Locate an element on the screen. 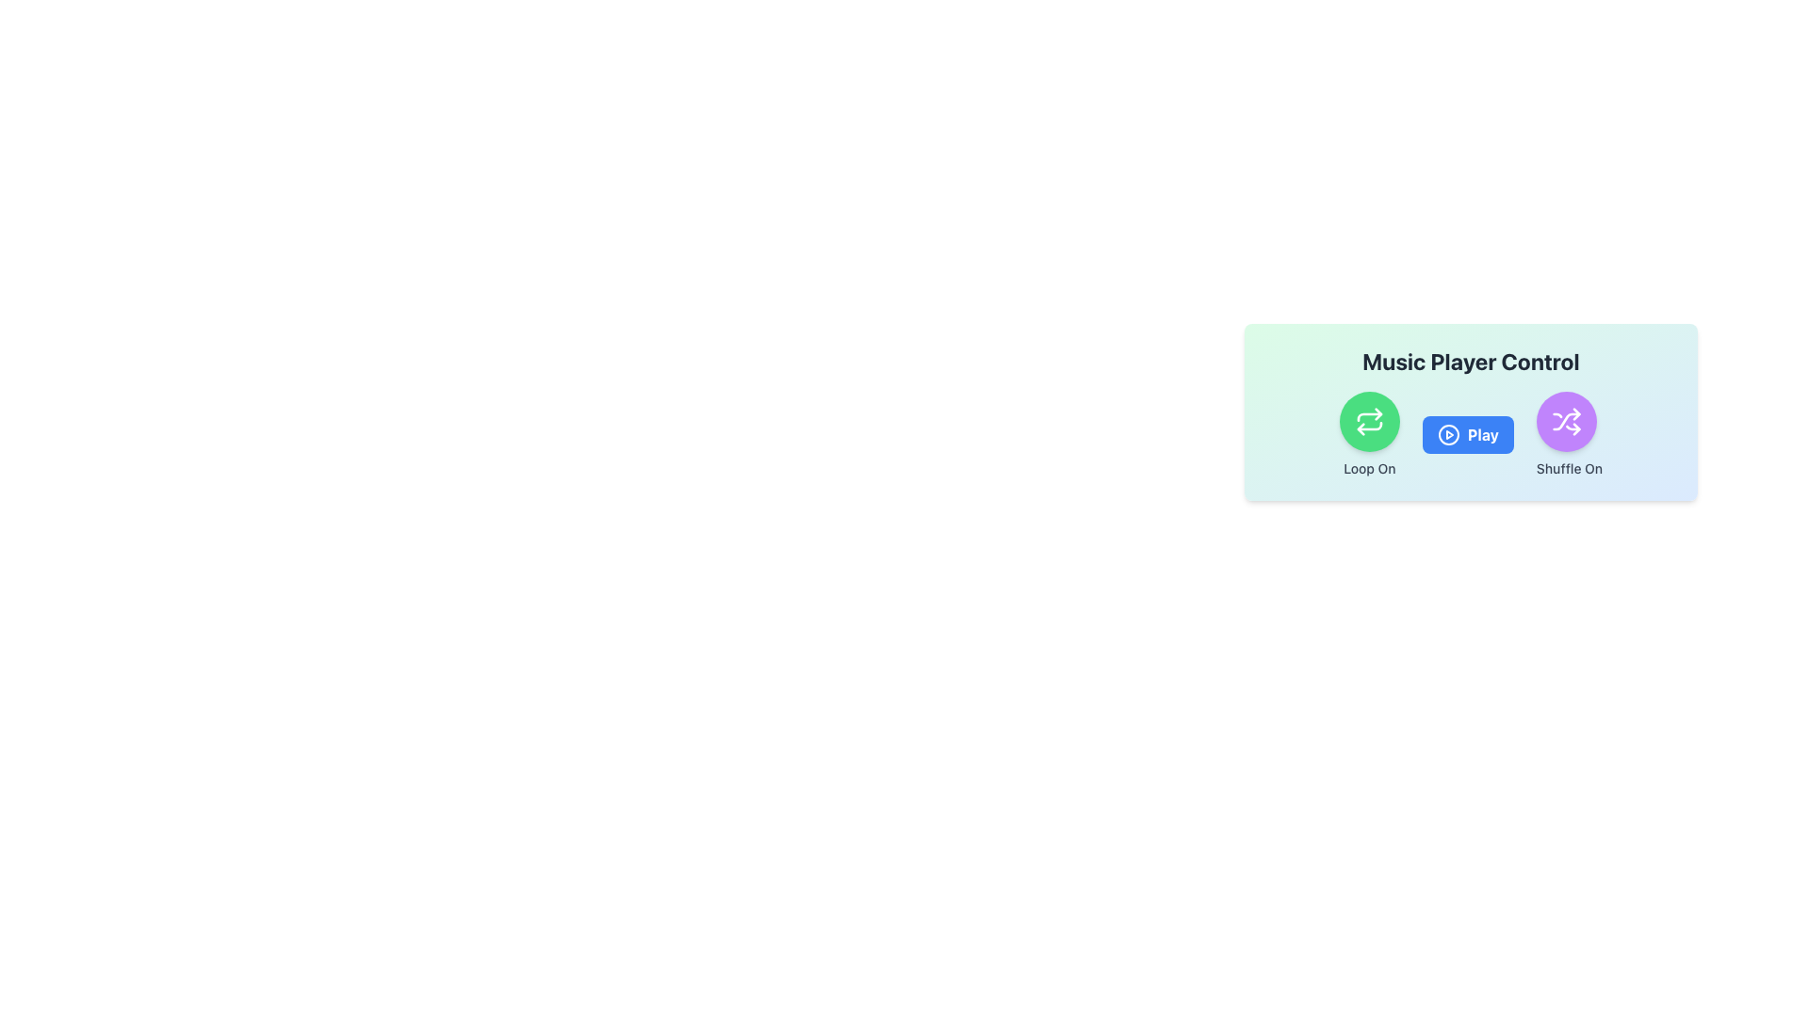 The image size is (1809, 1017). the shuffle icon, which is a circular button with a purple background and a white stroke, located at the far right of a row of three icons is located at coordinates (1566, 420).